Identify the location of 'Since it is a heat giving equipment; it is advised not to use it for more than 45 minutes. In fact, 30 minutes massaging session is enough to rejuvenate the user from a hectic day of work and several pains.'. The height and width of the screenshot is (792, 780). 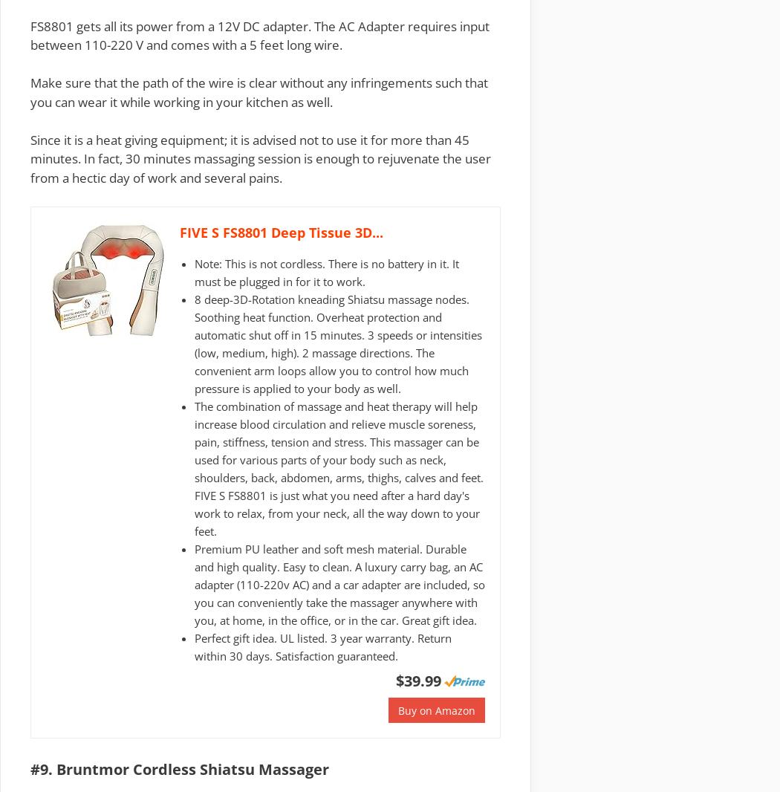
(260, 157).